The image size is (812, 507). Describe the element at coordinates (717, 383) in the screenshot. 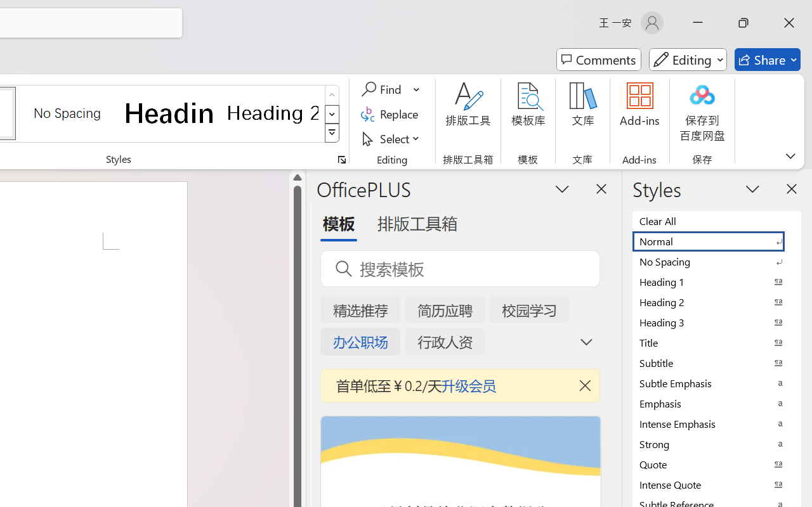

I see `'Subtle Emphasis'` at that location.